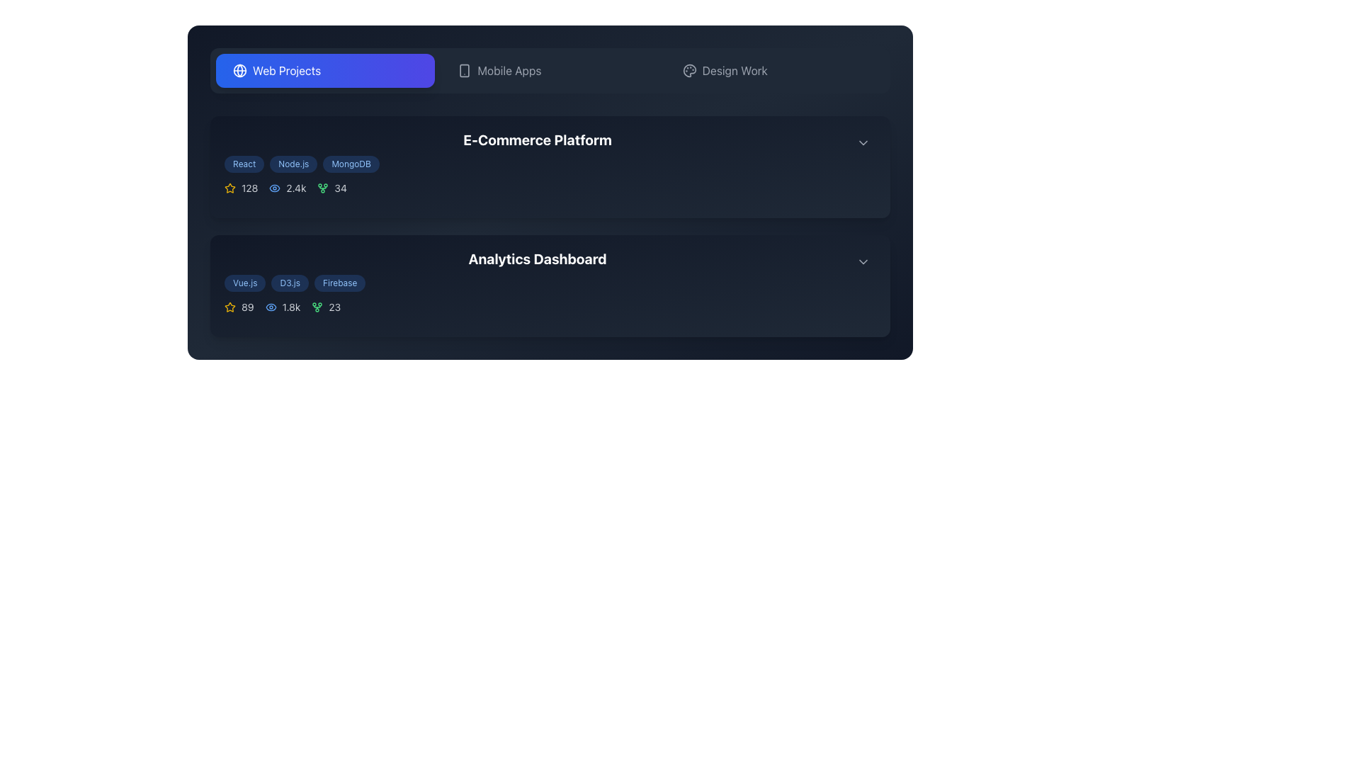  What do you see at coordinates (322, 188) in the screenshot?
I see `the git fork icon located to the right of the numeric label '34', which indicates the number of forks associated with a project` at bounding box center [322, 188].